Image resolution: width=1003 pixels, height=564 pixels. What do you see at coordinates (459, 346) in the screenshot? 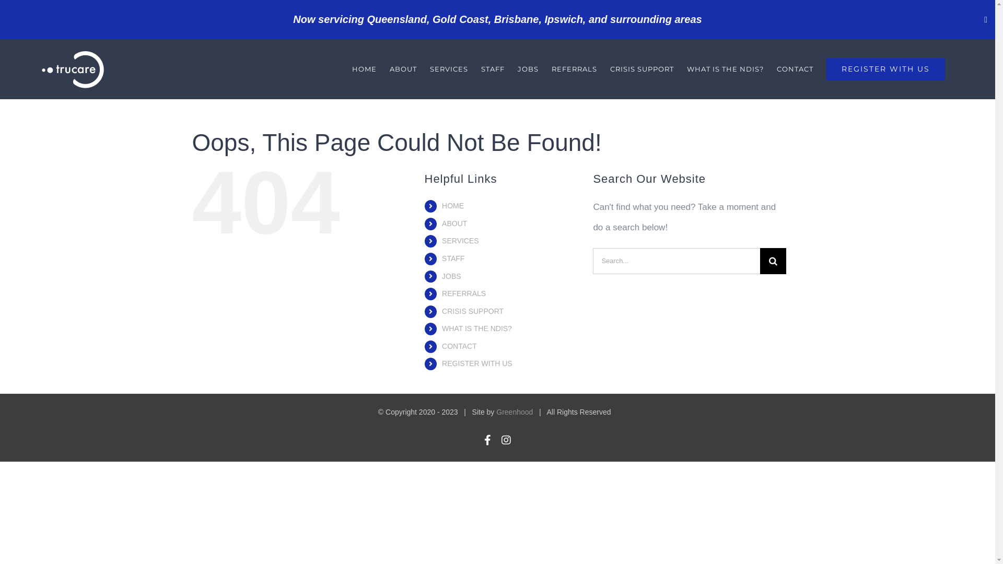
I see `'CONTACT'` at bounding box center [459, 346].